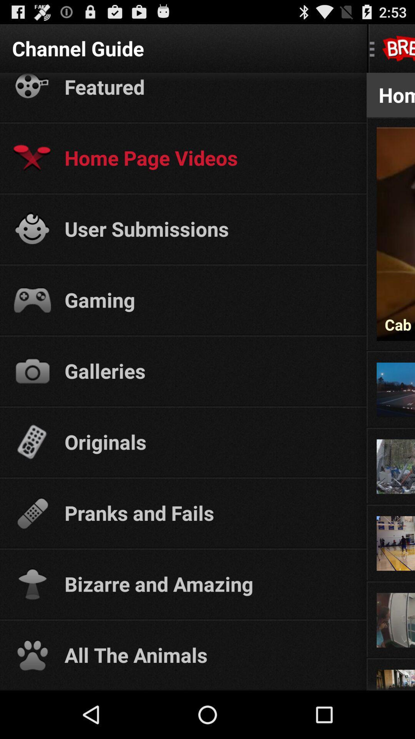  Describe the element at coordinates (208, 87) in the screenshot. I see `featured app` at that location.